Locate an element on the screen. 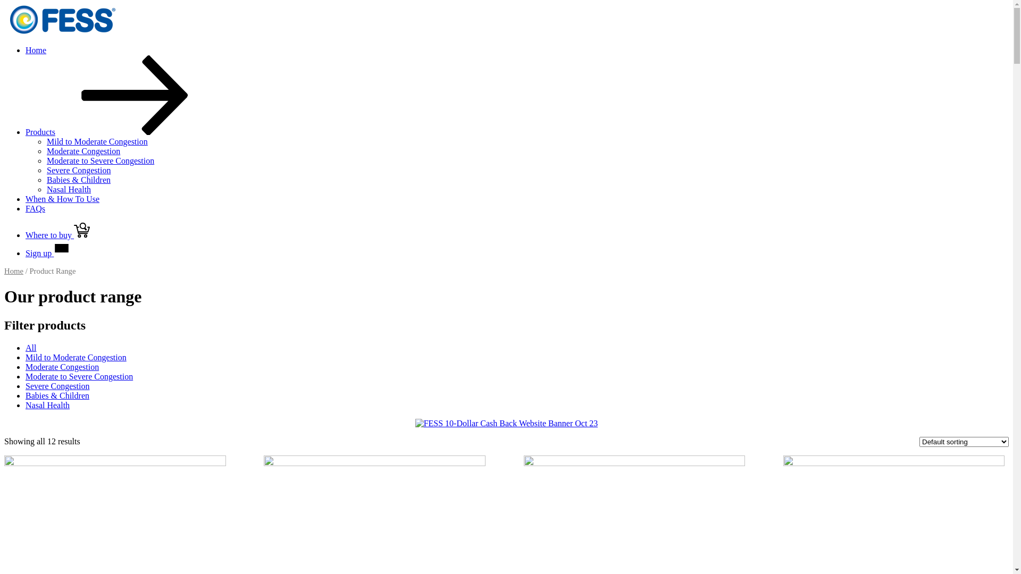  'Products' is located at coordinates (120, 131).